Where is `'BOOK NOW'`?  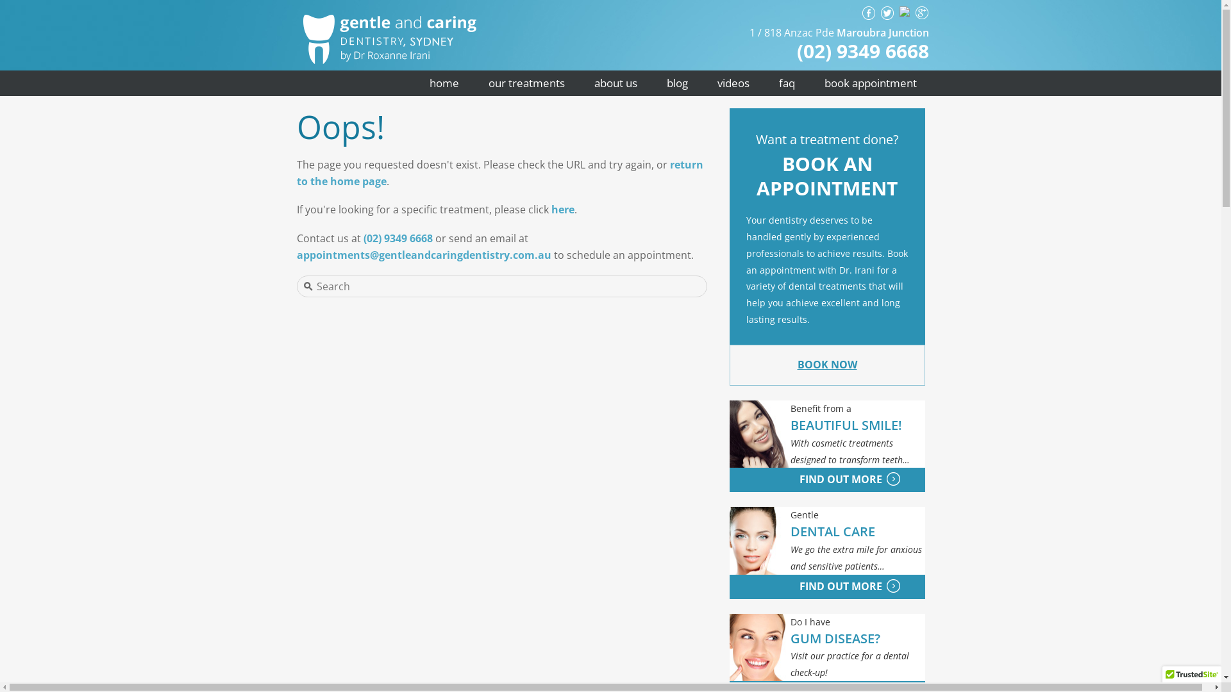
'BOOK NOW' is located at coordinates (827, 365).